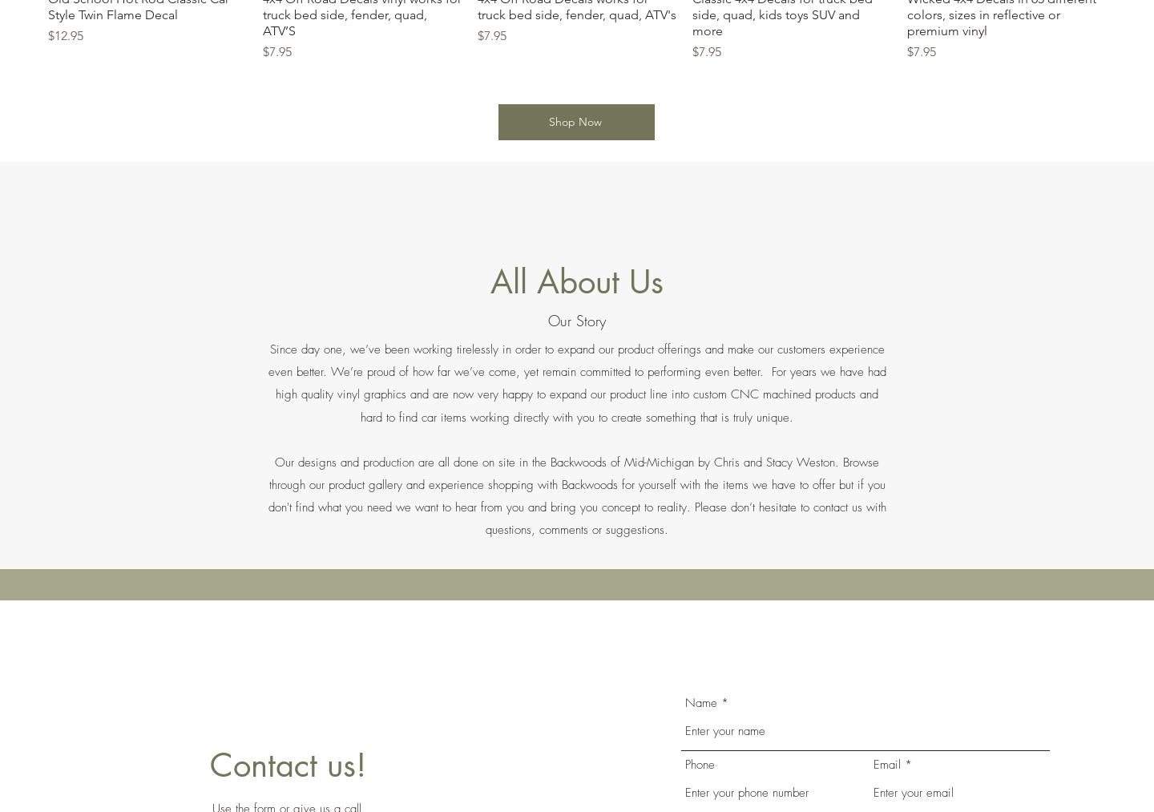 The width and height of the screenshot is (1154, 812). What do you see at coordinates (574, 121) in the screenshot?
I see `'Shop Now'` at bounding box center [574, 121].